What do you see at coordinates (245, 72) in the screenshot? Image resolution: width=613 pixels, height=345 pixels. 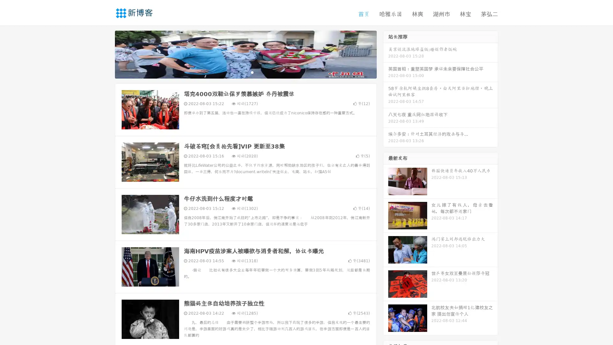 I see `Go to slide 2` at bounding box center [245, 72].